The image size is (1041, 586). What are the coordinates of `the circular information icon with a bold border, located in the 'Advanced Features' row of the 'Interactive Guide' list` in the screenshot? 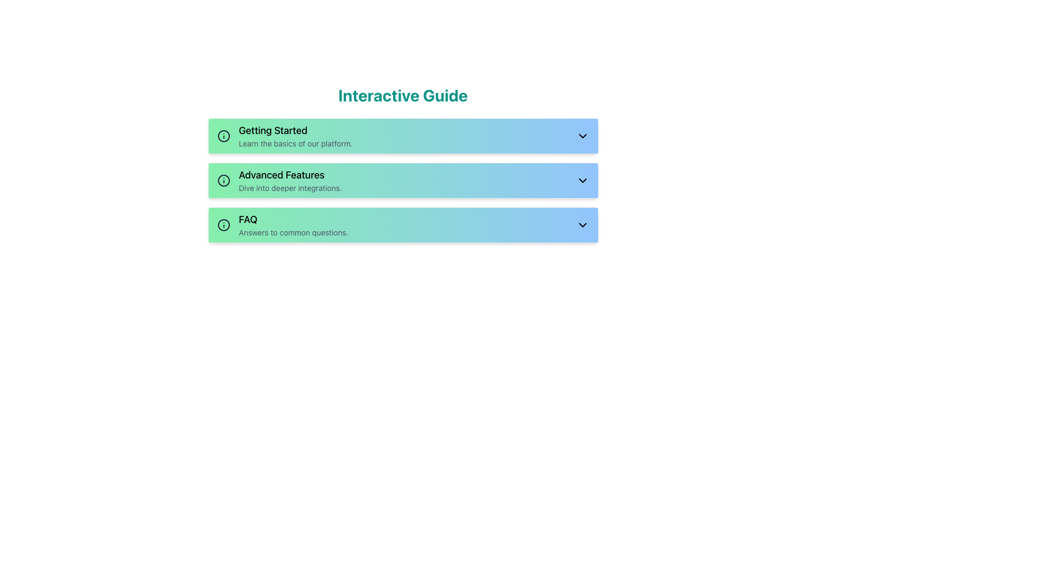 It's located at (223, 180).